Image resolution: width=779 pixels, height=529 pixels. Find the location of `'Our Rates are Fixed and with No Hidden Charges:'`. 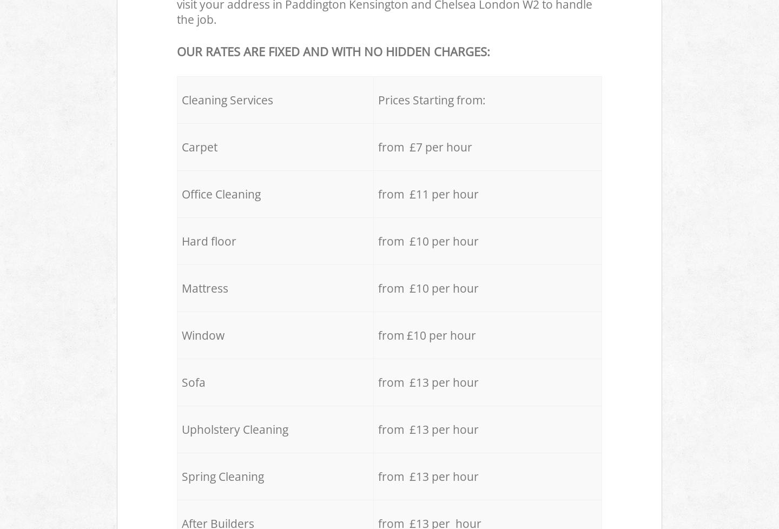

'Our Rates are Fixed and with No Hidden Charges:' is located at coordinates (333, 51).